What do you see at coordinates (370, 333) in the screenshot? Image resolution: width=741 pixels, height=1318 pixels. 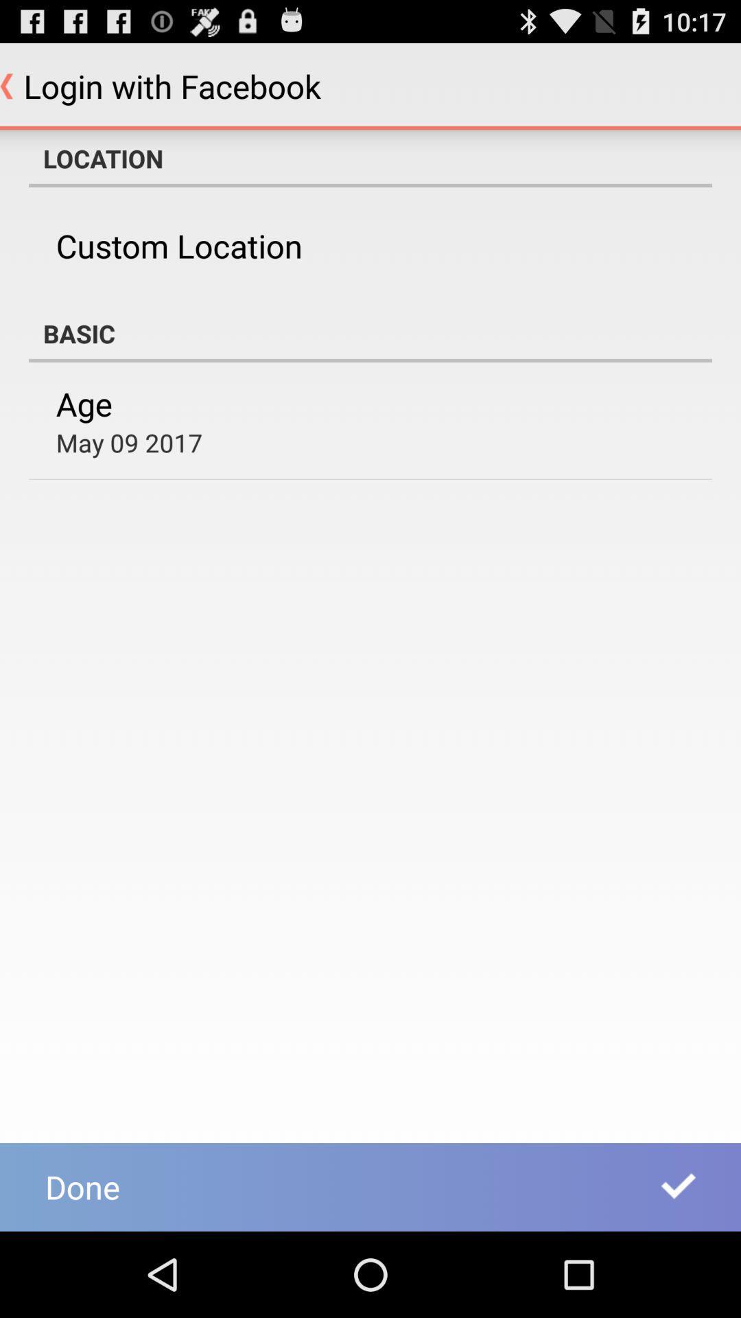 I see `item below the custom location app` at bounding box center [370, 333].